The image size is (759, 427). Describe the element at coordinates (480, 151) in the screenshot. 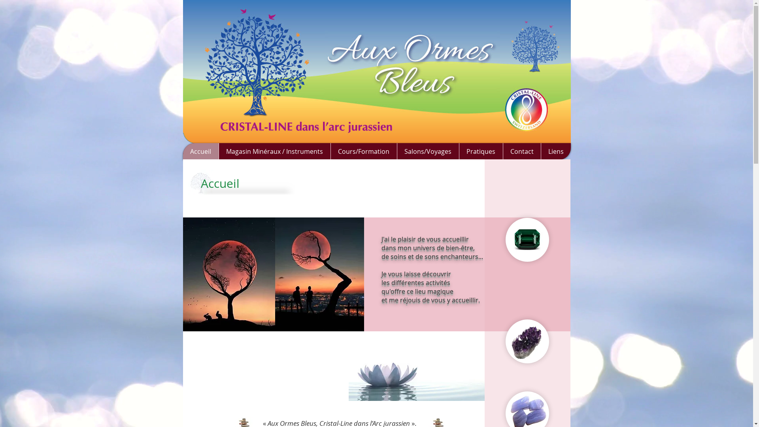

I see `'Pratiques'` at that location.